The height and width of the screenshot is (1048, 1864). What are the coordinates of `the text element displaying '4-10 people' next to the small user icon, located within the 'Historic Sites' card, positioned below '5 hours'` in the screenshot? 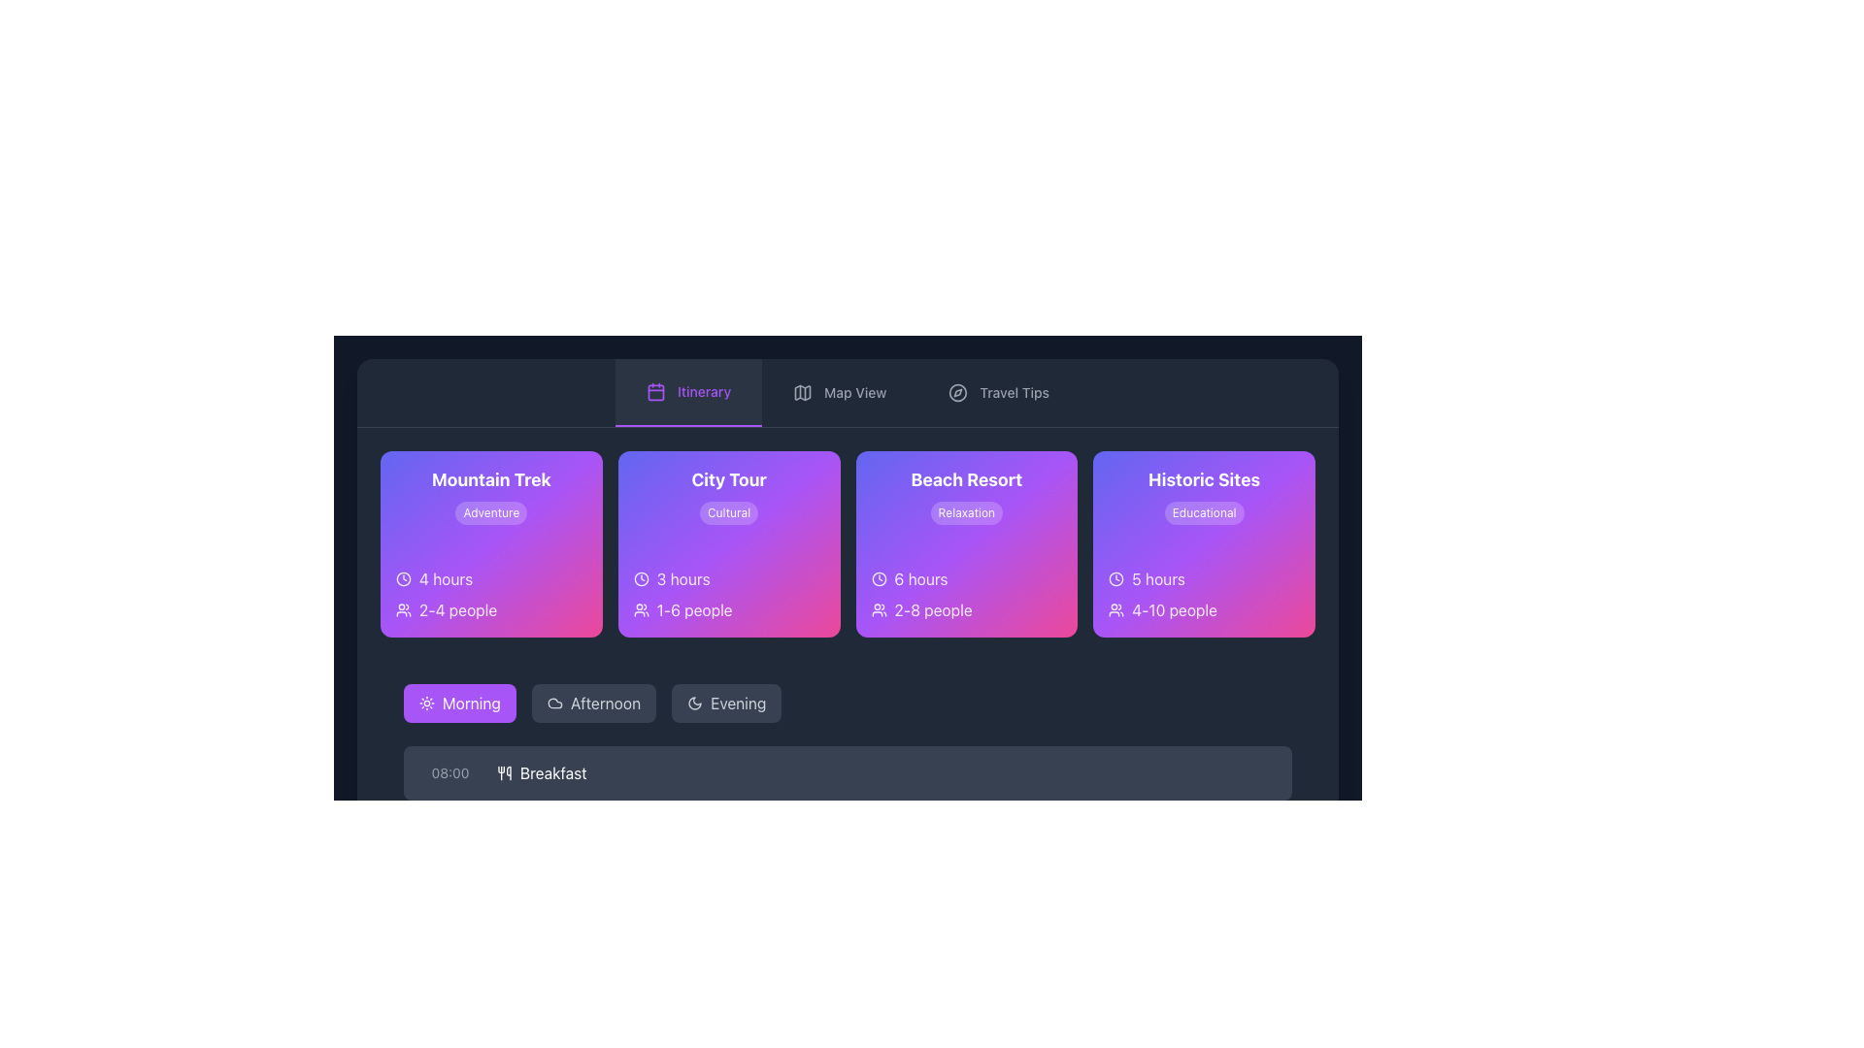 It's located at (1203, 608).